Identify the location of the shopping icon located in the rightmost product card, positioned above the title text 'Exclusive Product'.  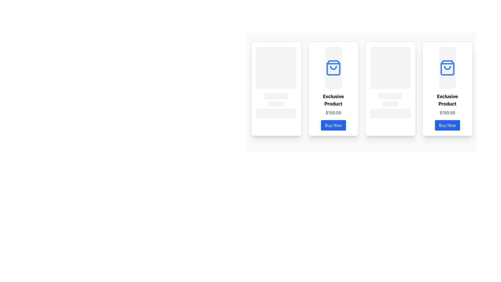
(447, 67).